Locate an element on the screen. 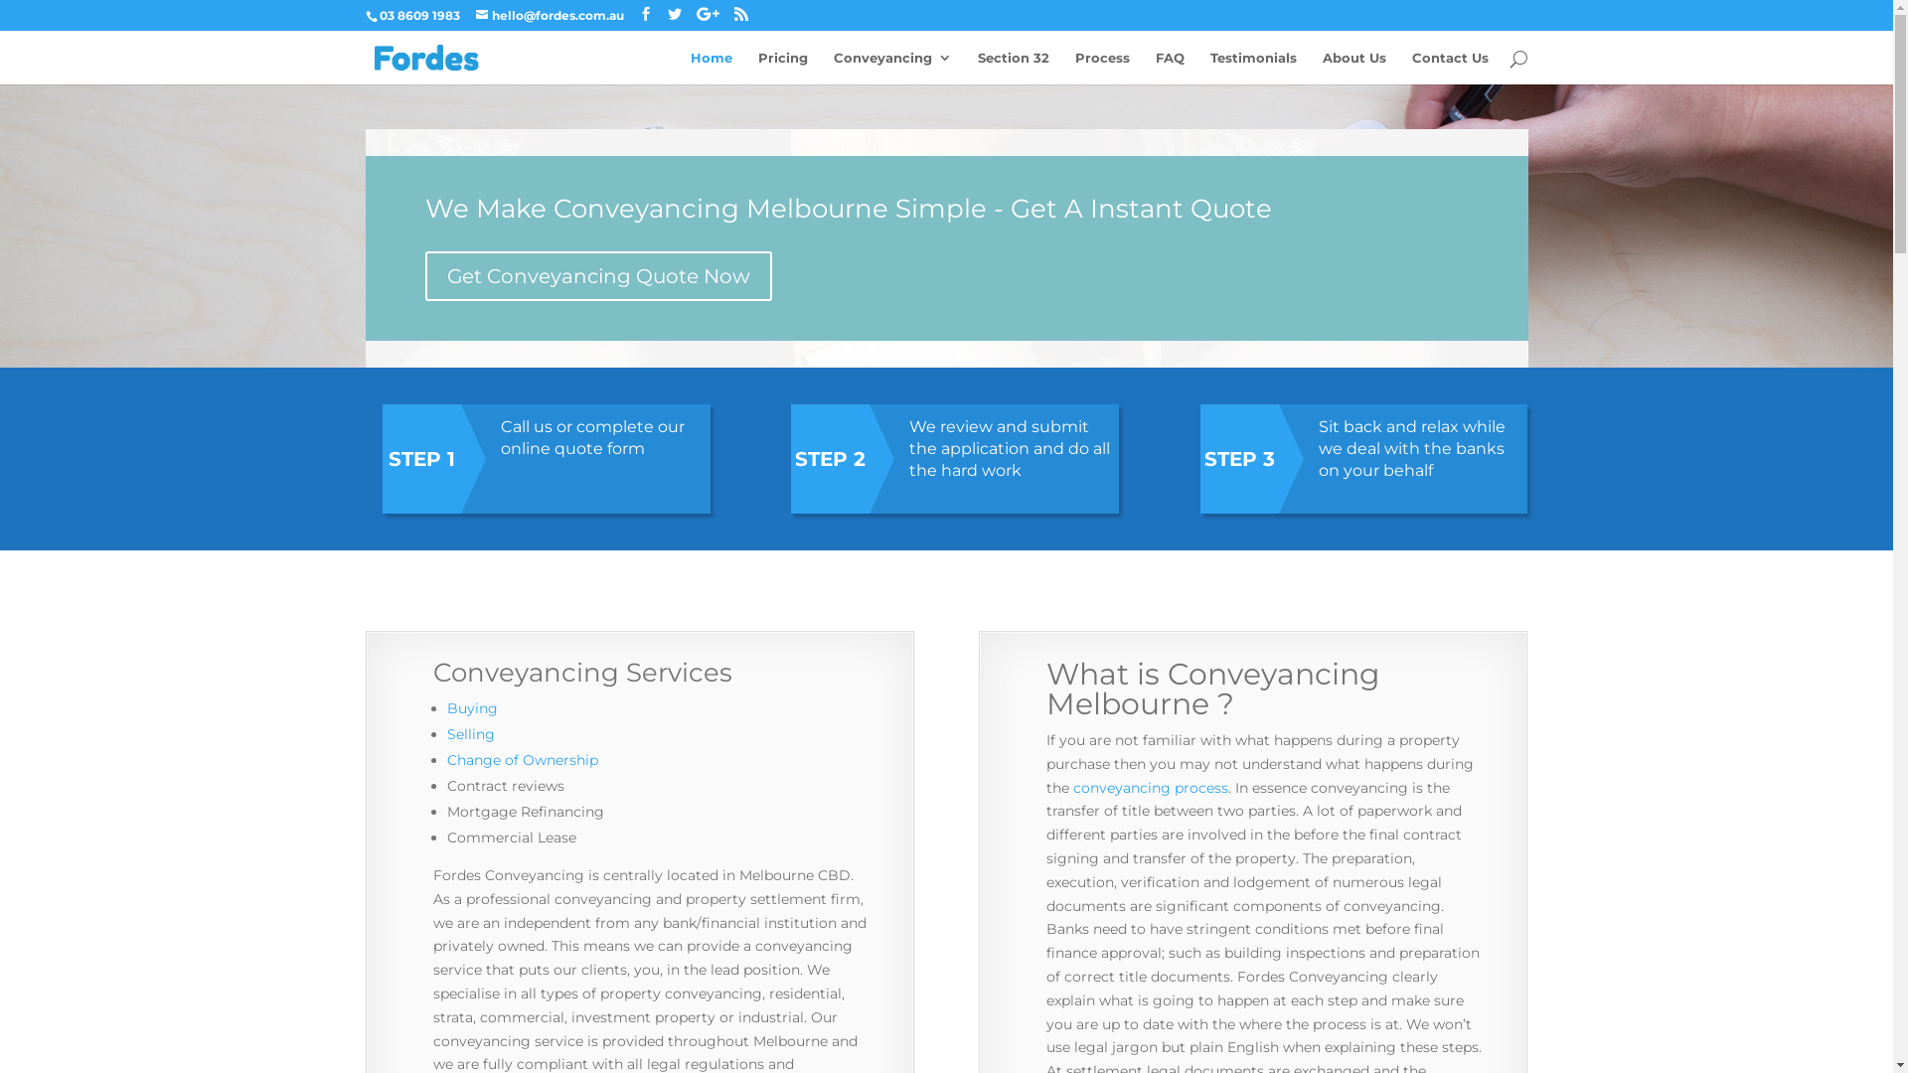  'Contact Us' is located at coordinates (1449, 67).